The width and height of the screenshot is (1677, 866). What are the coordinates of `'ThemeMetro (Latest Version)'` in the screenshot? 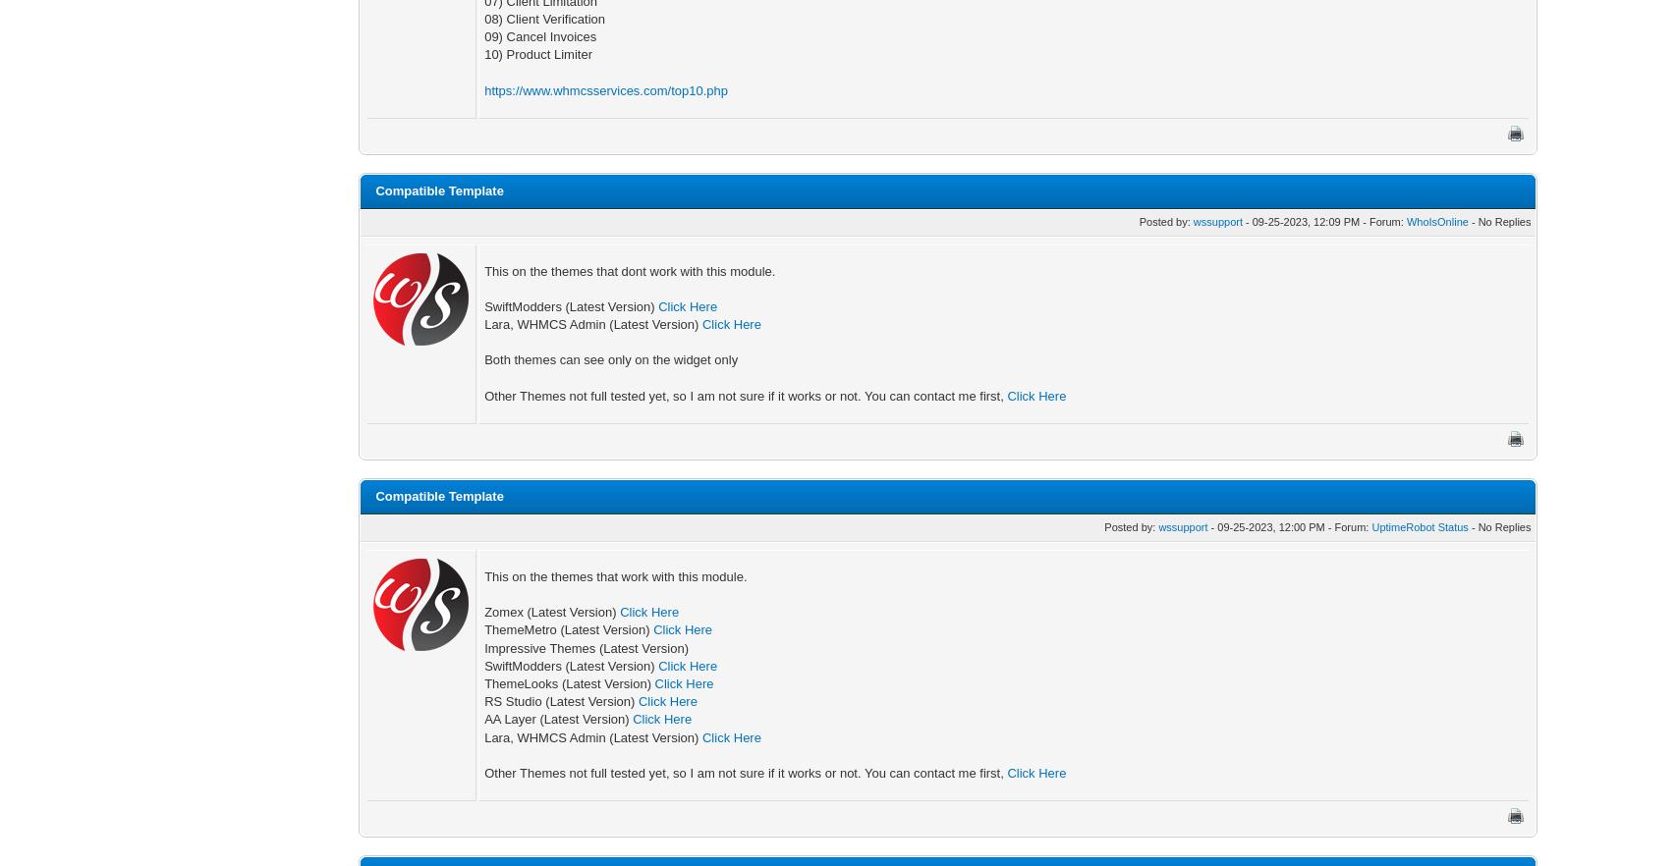 It's located at (569, 629).